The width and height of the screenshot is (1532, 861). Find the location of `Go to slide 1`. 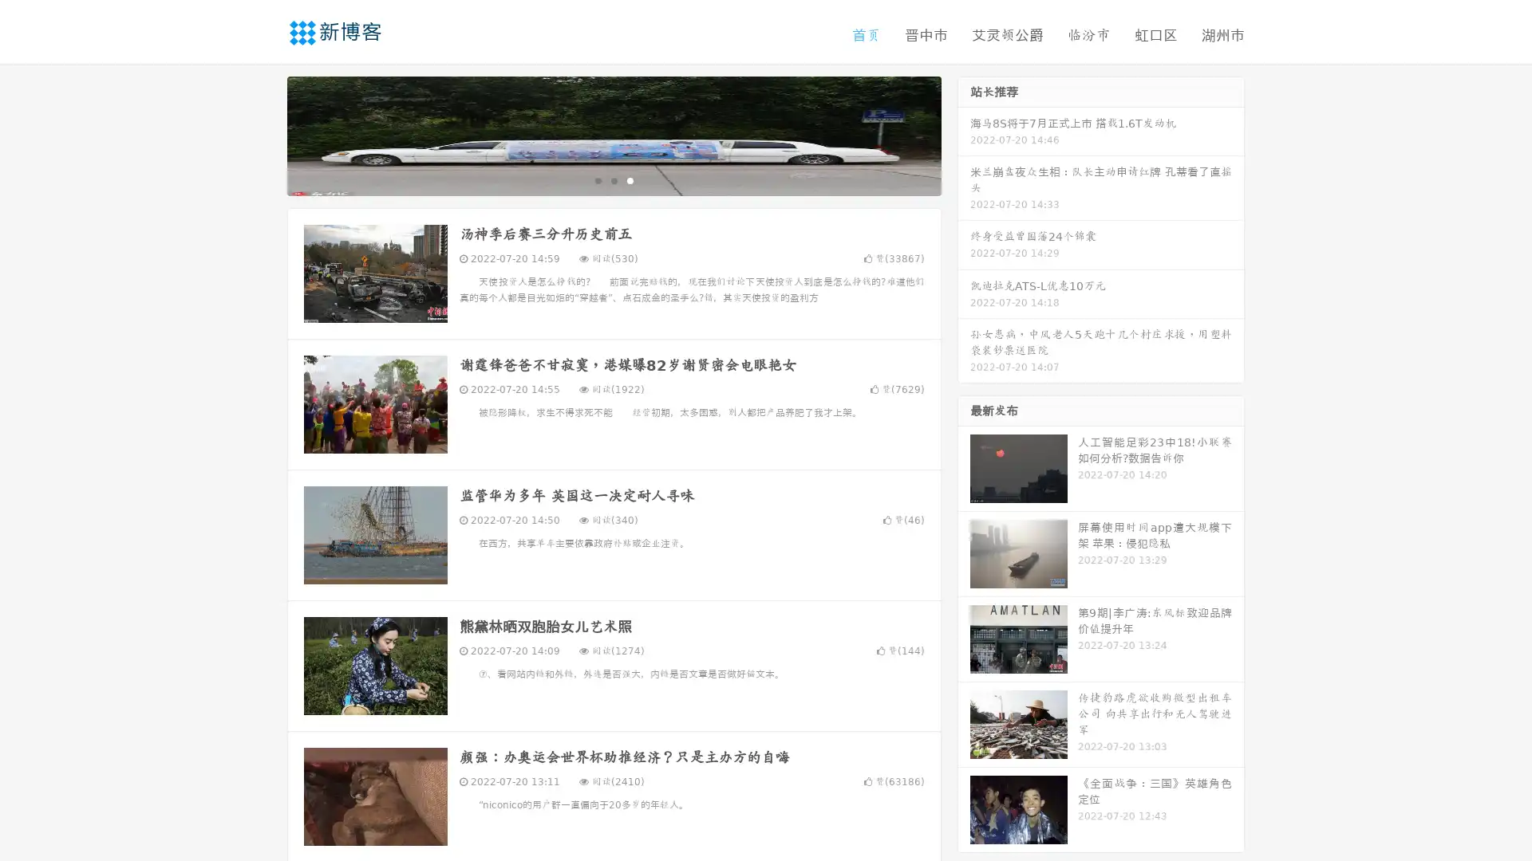

Go to slide 1 is located at coordinates (597, 179).